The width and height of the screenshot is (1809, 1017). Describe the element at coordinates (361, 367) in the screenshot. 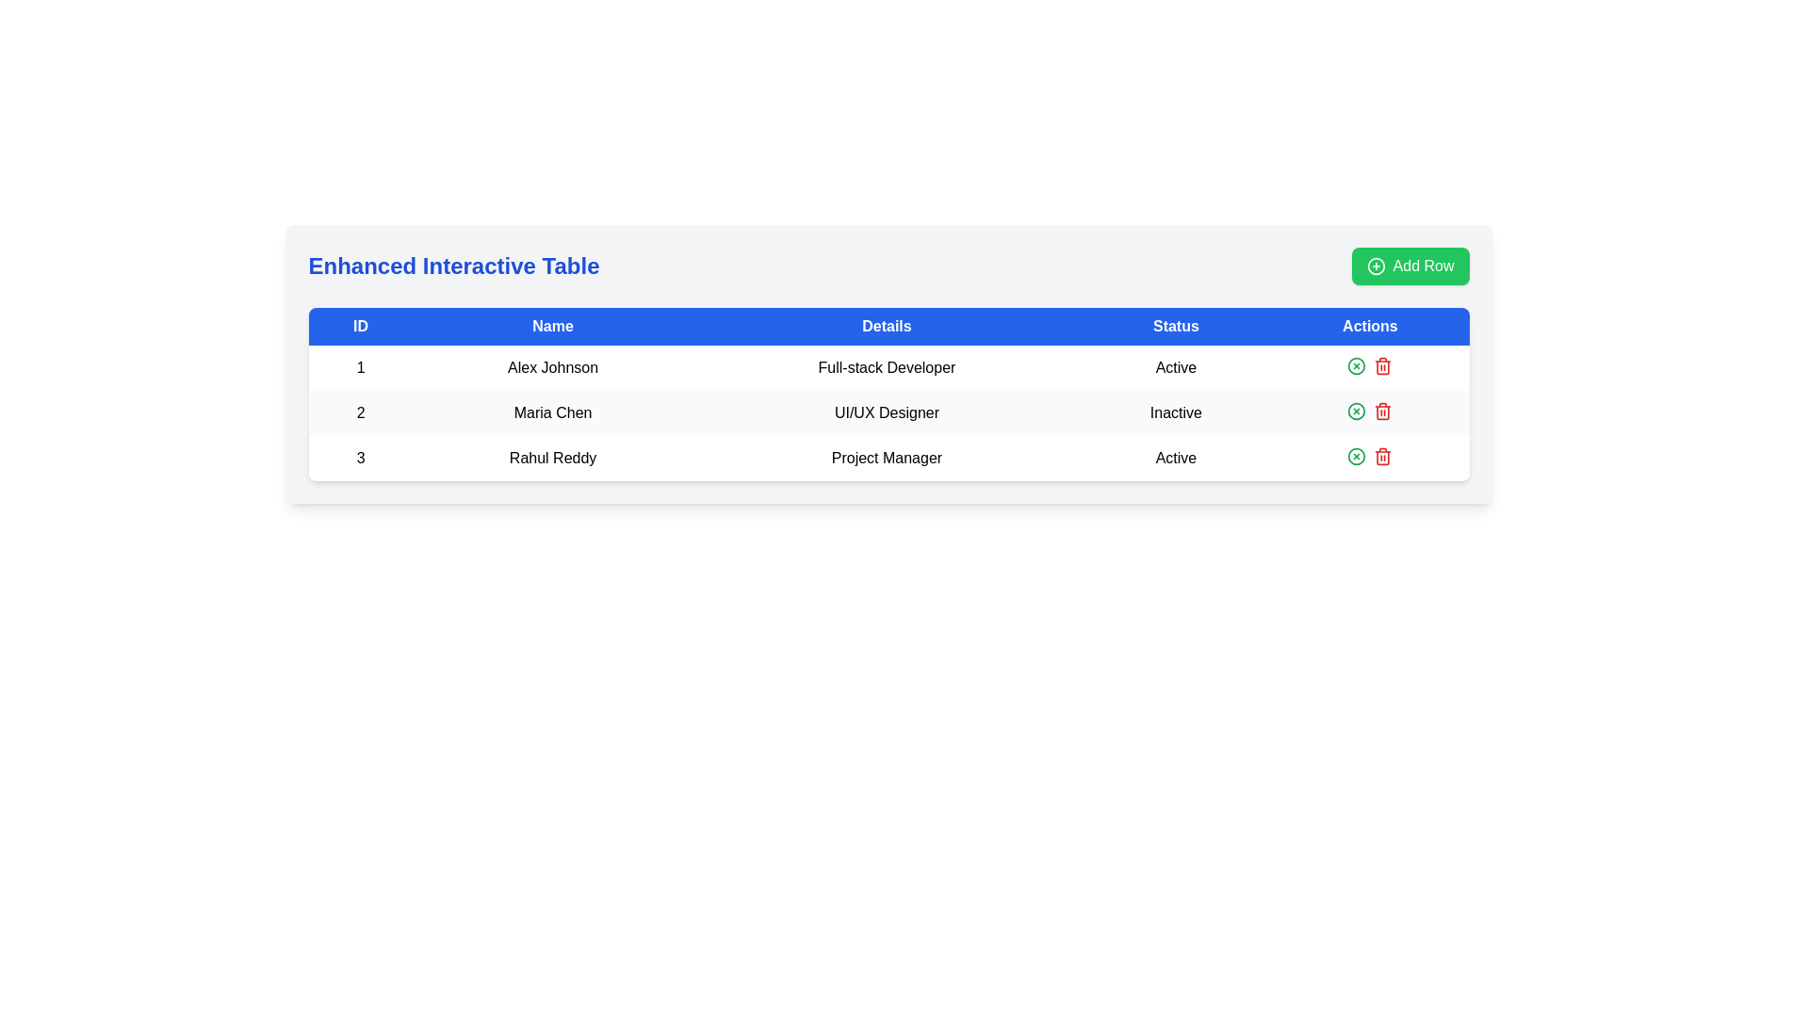

I see `the table cell containing the numeric value '1', which is positioned in the first column of the first row under the 'ID' header` at that location.